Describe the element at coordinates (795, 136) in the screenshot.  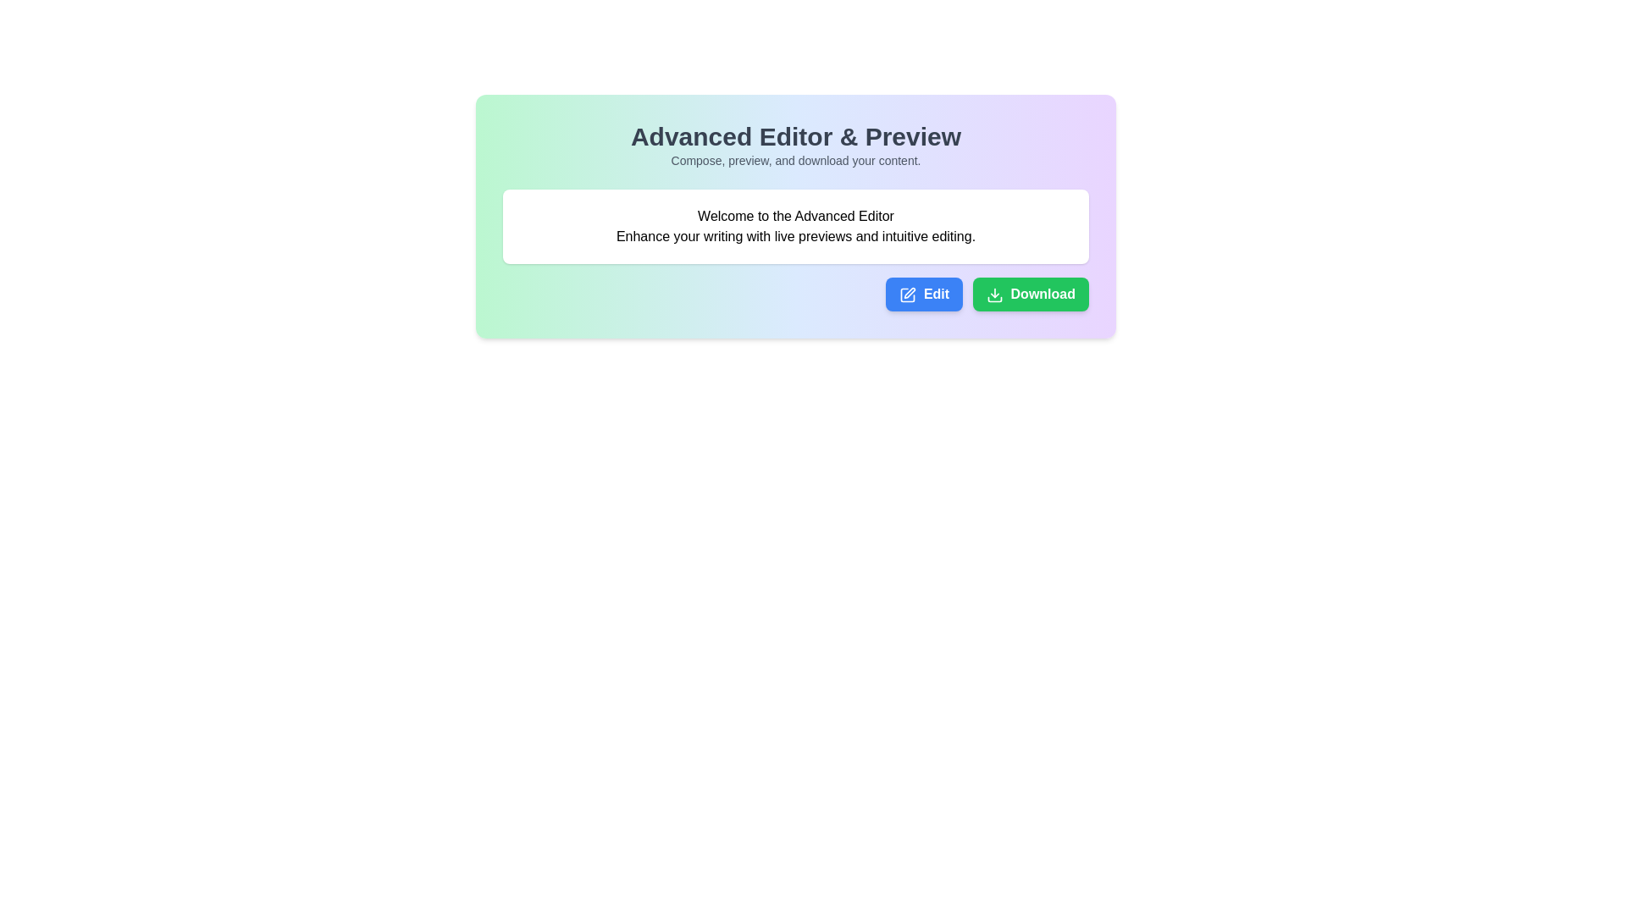
I see `the Heading text which serves as the title for the advanced editing and previewing tool, located above the subheading 'Compose, preview, and download your content.'` at that location.